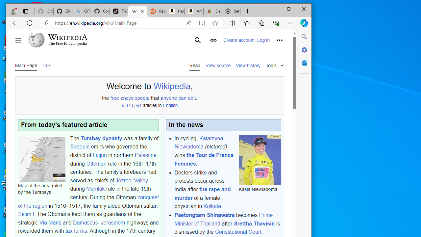 The height and width of the screenshot is (237, 421). Describe the element at coordinates (263, 40) in the screenshot. I see `'Log in'` at that location.